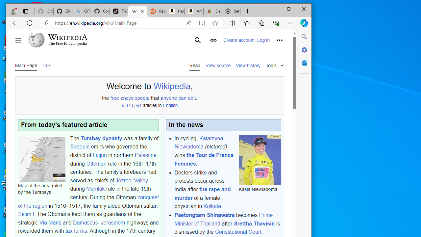 The height and width of the screenshot is (237, 421). Describe the element at coordinates (263, 40) in the screenshot. I see `'Log in'` at that location.